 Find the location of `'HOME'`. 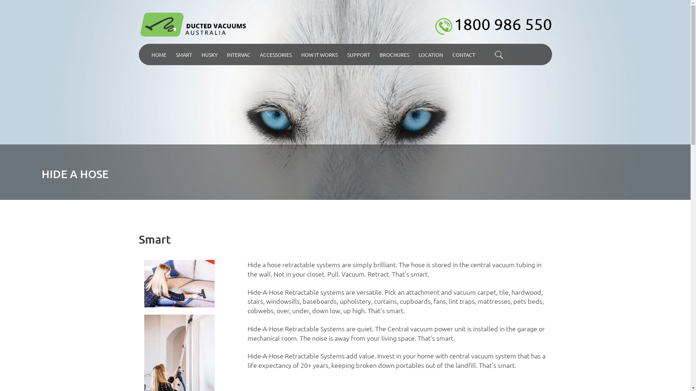

'HOME' is located at coordinates (158, 54).